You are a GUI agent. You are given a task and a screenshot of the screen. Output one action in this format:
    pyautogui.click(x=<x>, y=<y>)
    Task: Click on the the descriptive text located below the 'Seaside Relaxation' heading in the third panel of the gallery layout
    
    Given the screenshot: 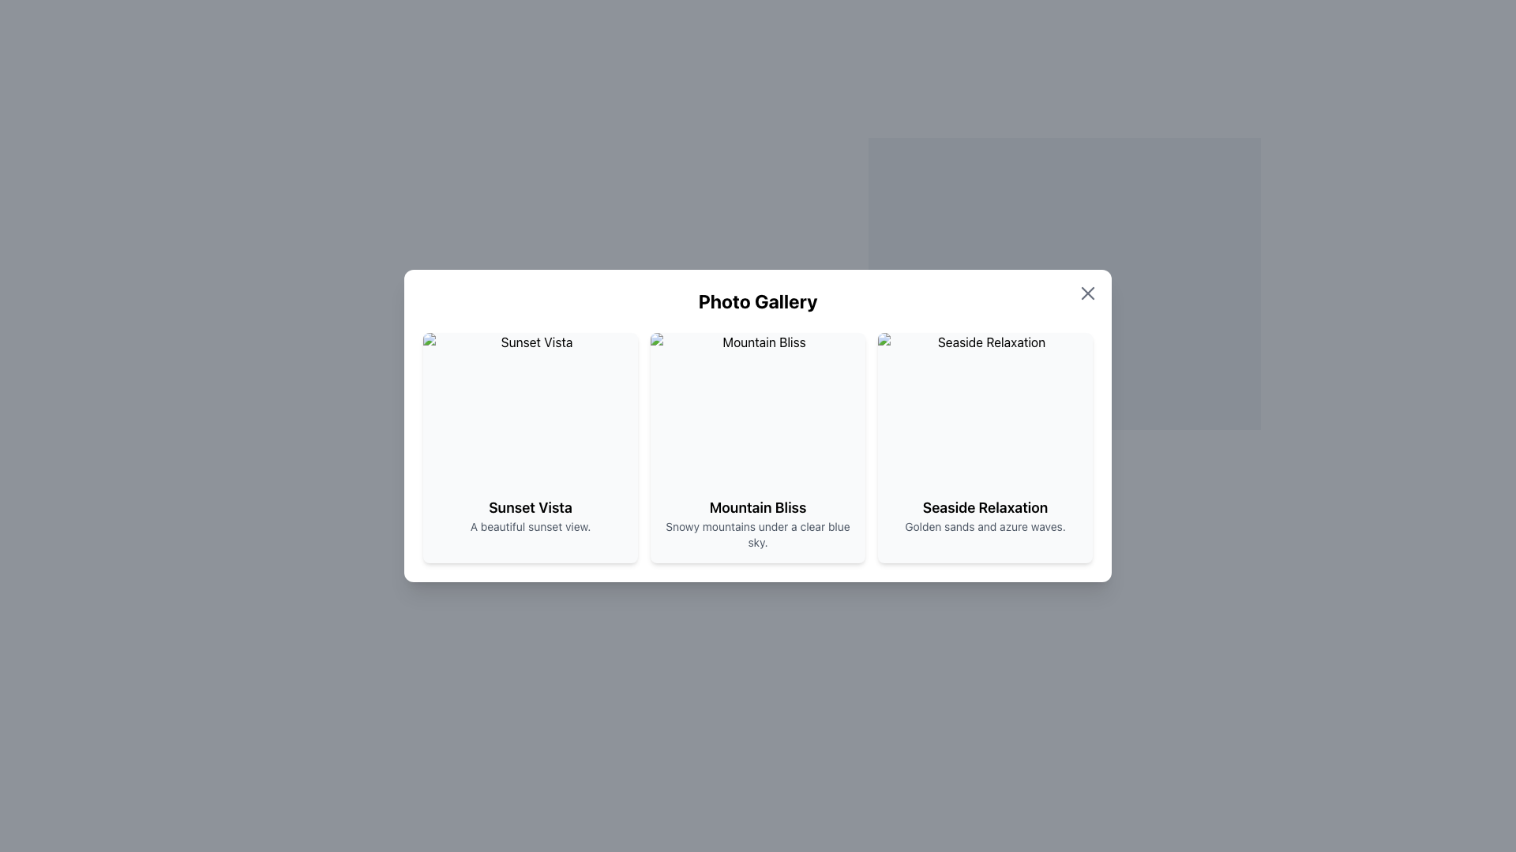 What is the action you would take?
    pyautogui.click(x=985, y=526)
    